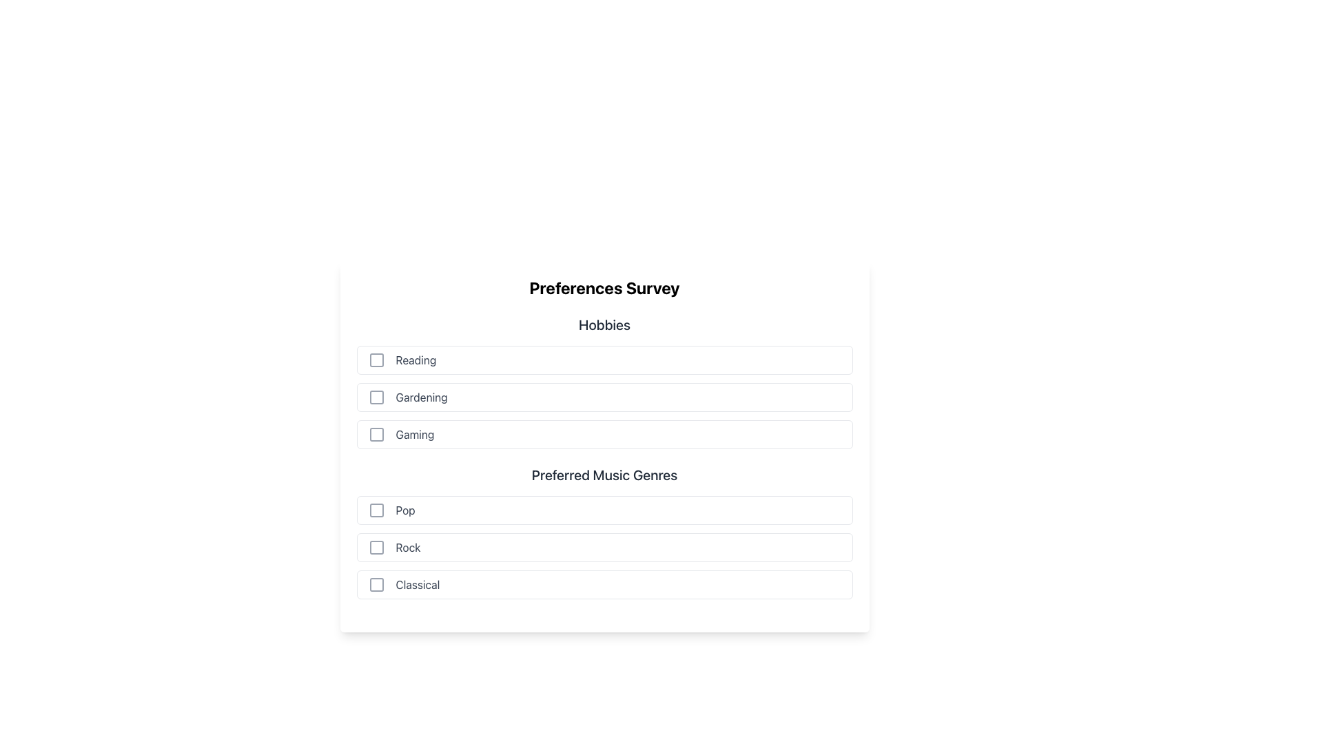 The image size is (1323, 744). I want to click on and understand the meaning of the text label 'Gaming', which is styled in gray and is the third item under the 'Hobbies' category, so click(414, 435).